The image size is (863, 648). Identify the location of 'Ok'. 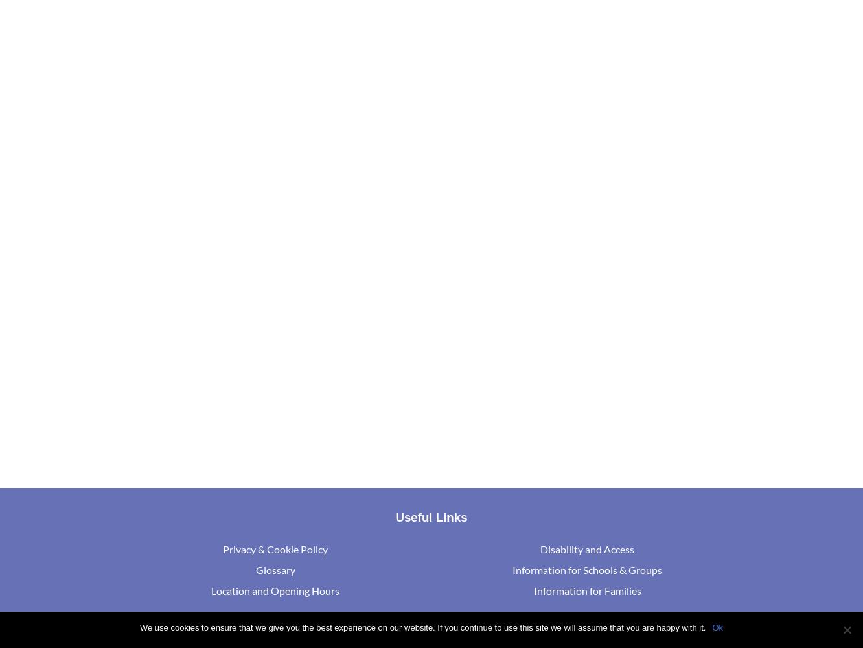
(717, 627).